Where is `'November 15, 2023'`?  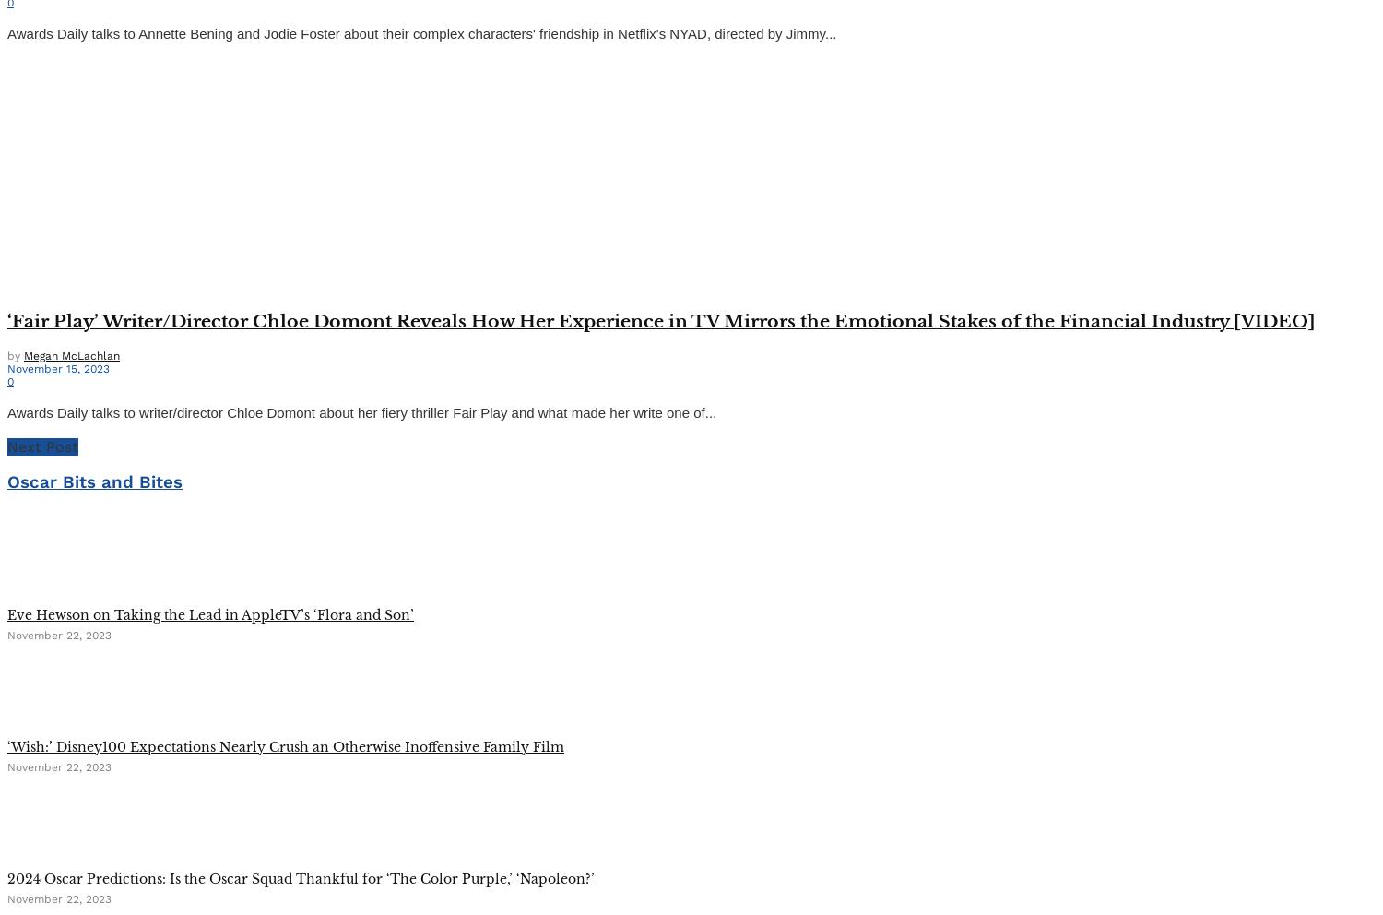 'November 15, 2023' is located at coordinates (57, 367).